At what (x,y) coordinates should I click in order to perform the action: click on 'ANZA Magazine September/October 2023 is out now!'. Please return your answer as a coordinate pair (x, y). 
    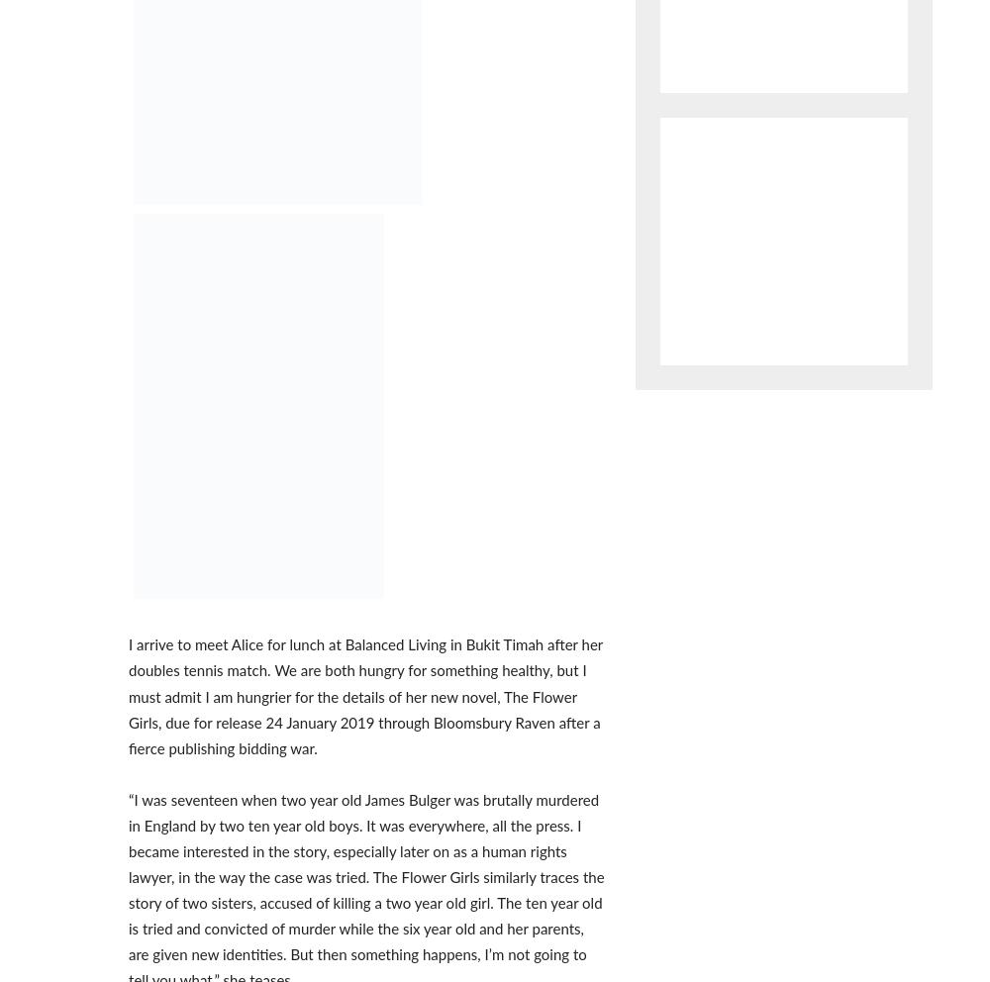
    Looking at the image, I should click on (129, 288).